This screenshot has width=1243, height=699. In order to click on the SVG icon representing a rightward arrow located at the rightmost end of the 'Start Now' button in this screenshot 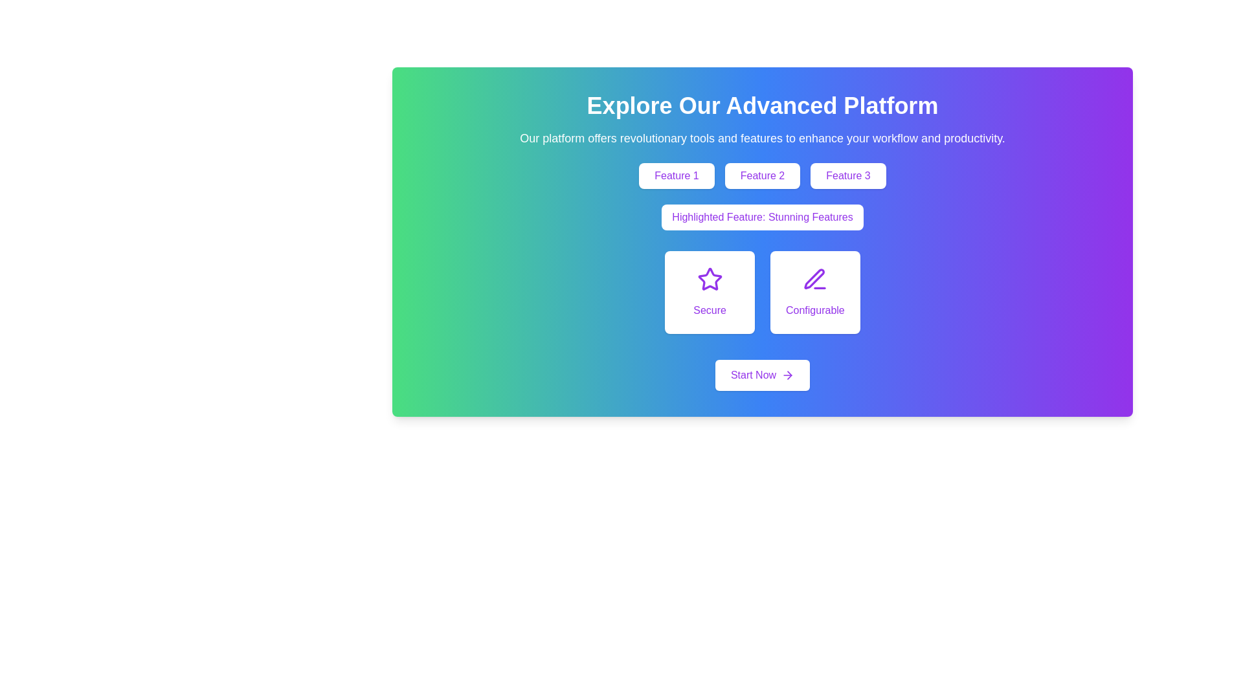, I will do `click(787, 375)`.